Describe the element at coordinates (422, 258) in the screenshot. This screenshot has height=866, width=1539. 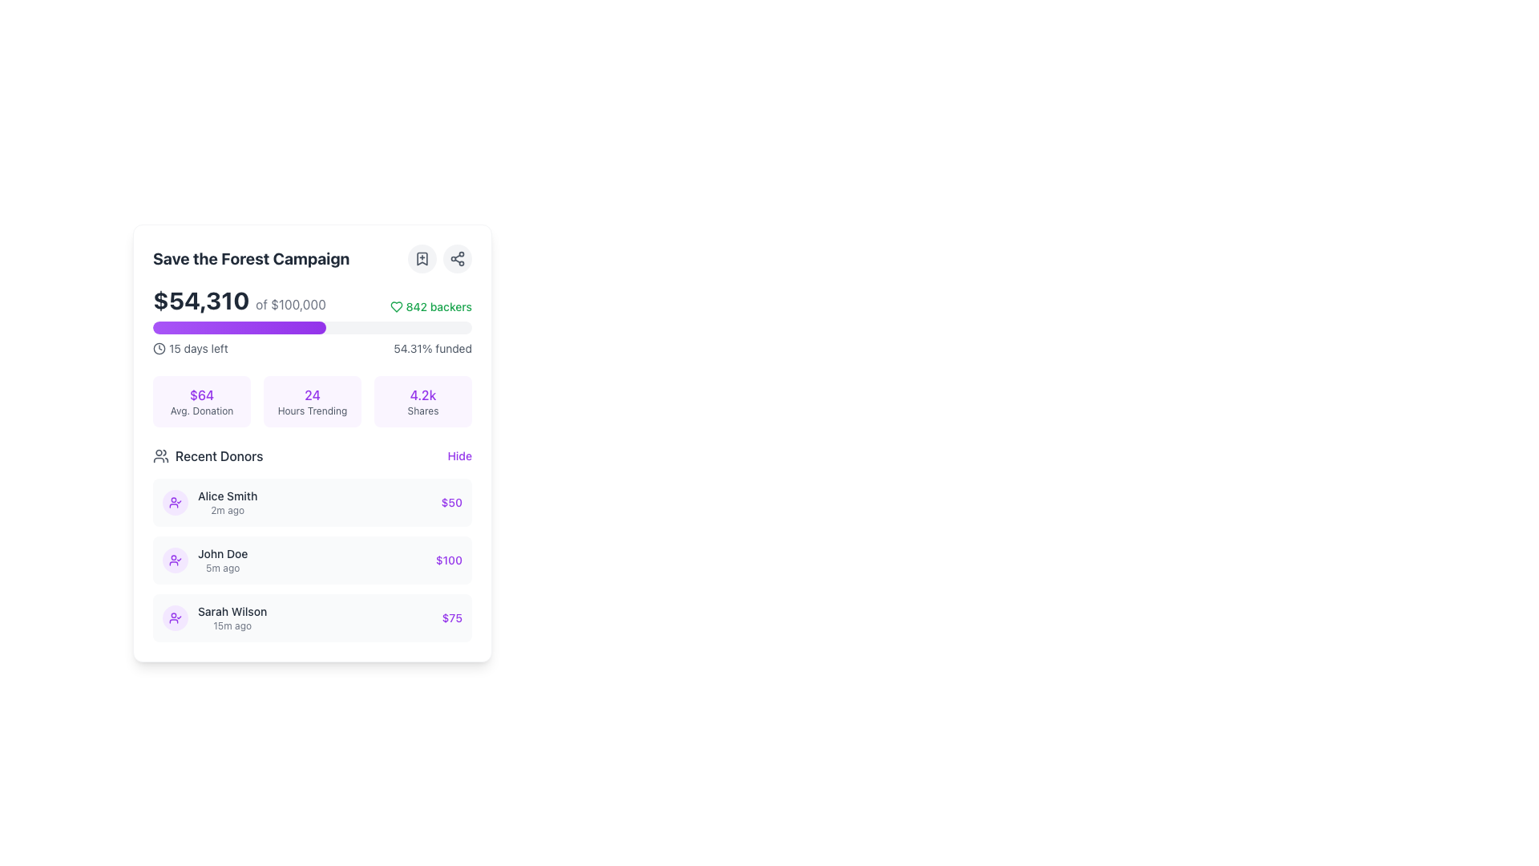
I see `the button located at the top-right corner of the card that allows the user to add or bookmark the campaign` at that location.